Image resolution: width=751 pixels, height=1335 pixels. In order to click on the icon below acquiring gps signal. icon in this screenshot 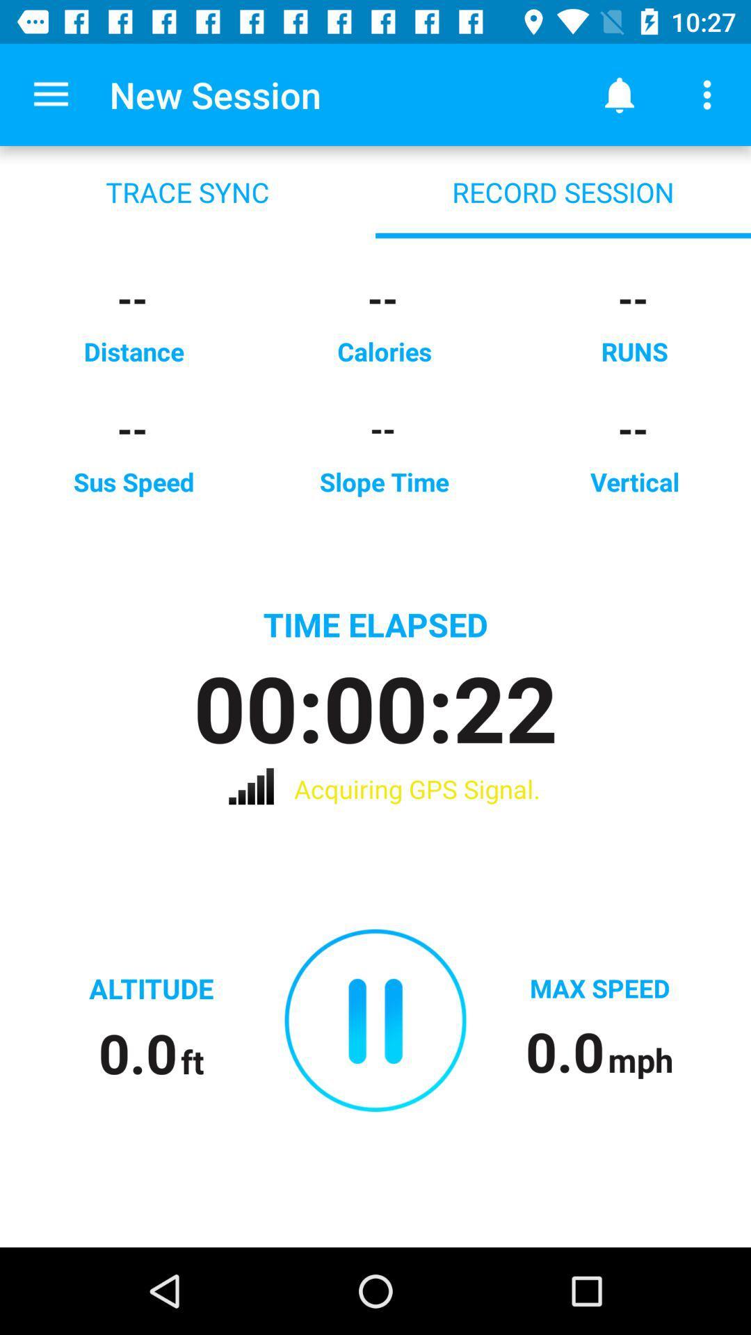, I will do `click(375, 1020)`.